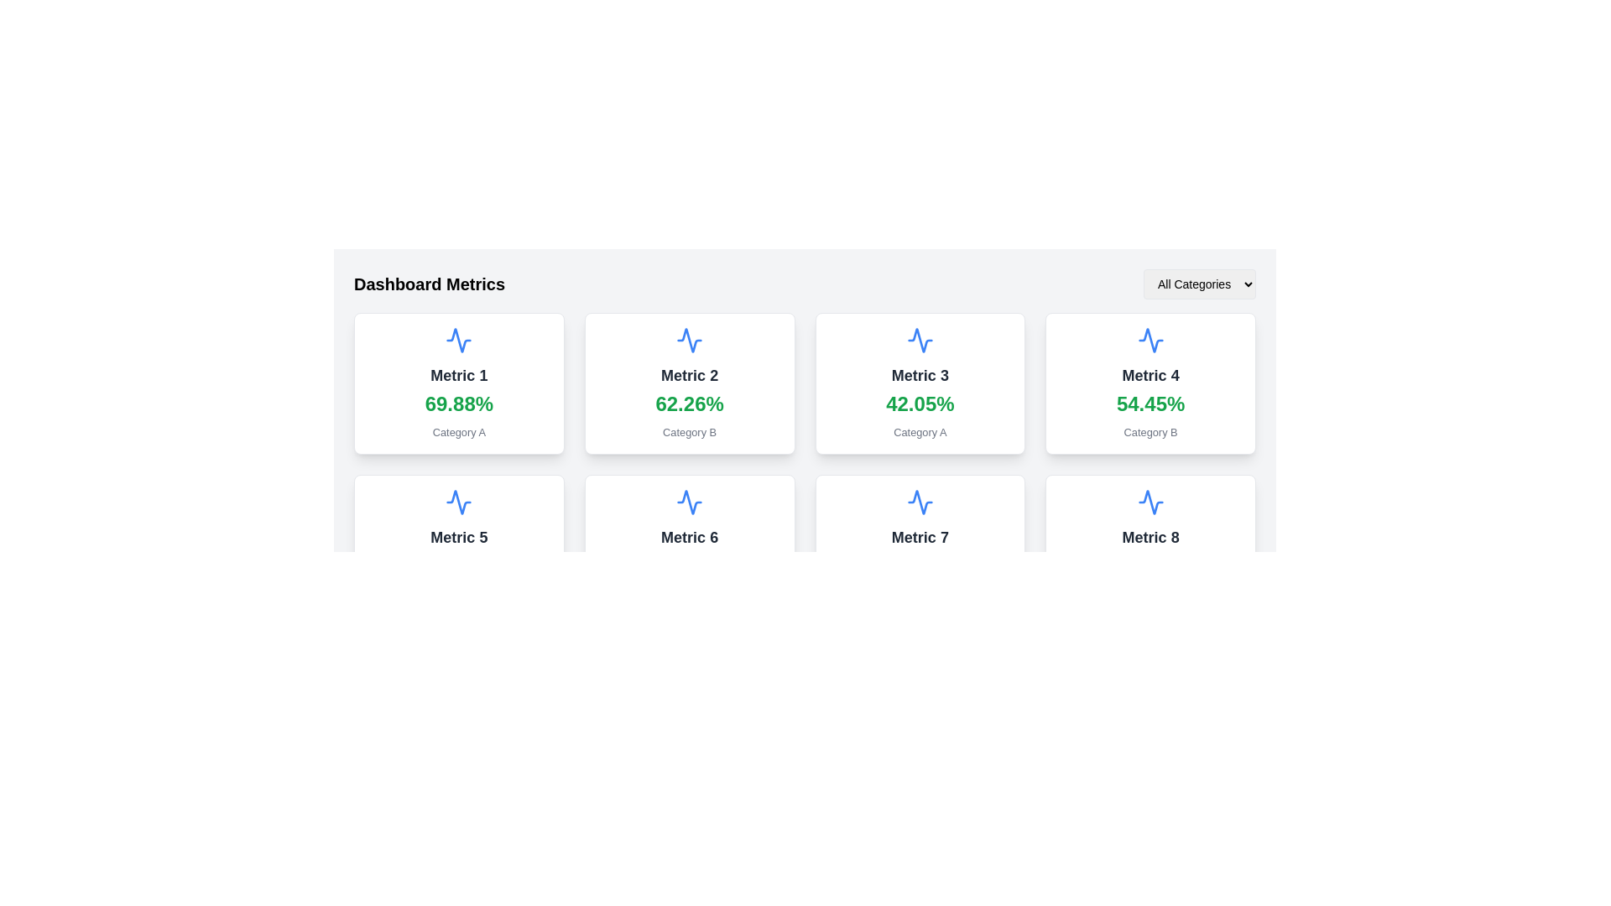 Image resolution: width=1611 pixels, height=906 pixels. What do you see at coordinates (459, 340) in the screenshot?
I see `the blue activity waveform icon located at the top of the 'Metric 1' card with the value '69.88%'` at bounding box center [459, 340].